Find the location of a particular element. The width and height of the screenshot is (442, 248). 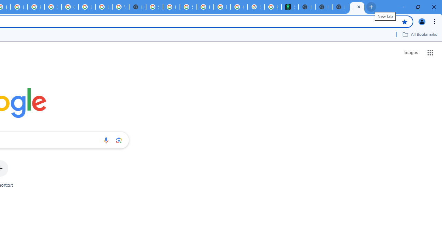

'Google Cloud Platform' is located at coordinates (70, 7).